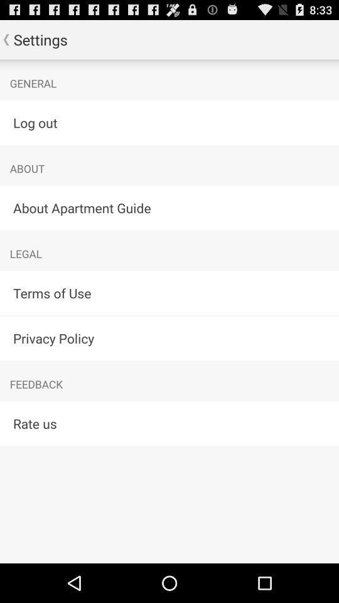 The height and width of the screenshot is (603, 339). I want to click on the about apartment guide, so click(169, 207).